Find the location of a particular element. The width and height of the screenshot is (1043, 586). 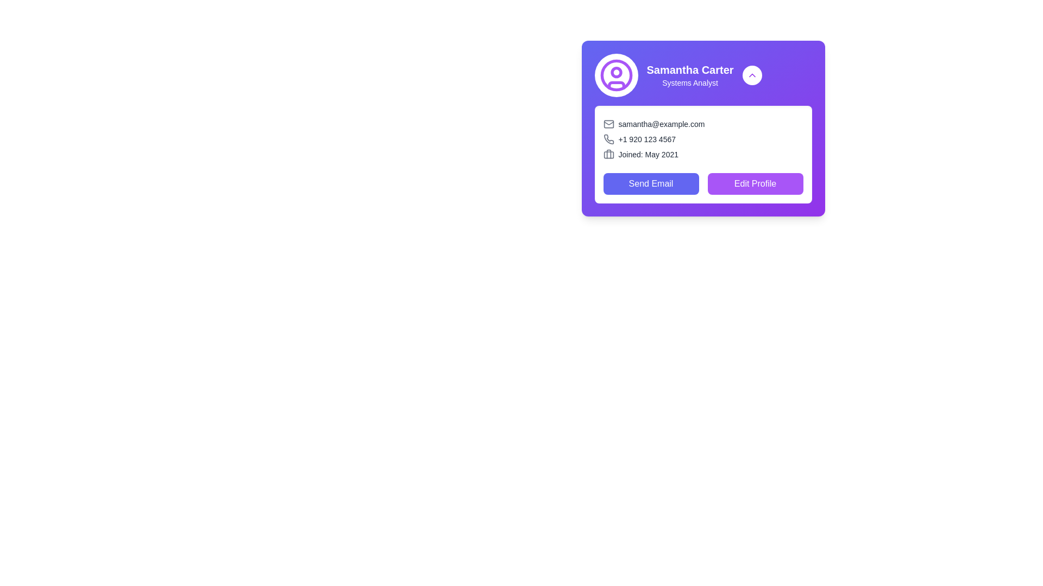

the phone-related SVG icon located in the middle section of the contact card, positioned to the left of the phone number and between an email icon above and another visual element below is located at coordinates (608, 138).